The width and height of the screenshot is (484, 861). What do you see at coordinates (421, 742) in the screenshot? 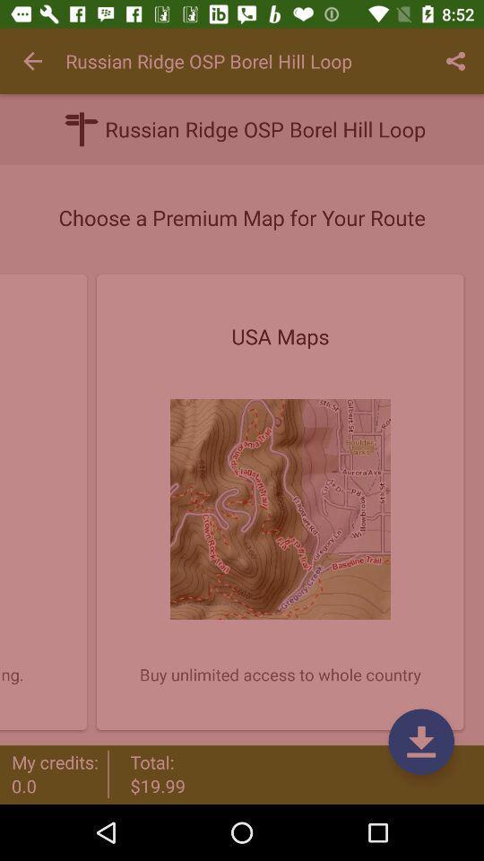
I see `the file_download icon` at bounding box center [421, 742].